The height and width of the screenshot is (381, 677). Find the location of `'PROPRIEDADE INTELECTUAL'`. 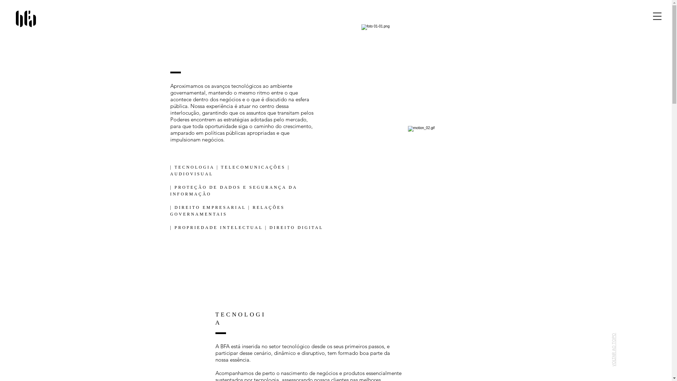

'PROPRIEDADE INTELECTUAL' is located at coordinates (218, 227).